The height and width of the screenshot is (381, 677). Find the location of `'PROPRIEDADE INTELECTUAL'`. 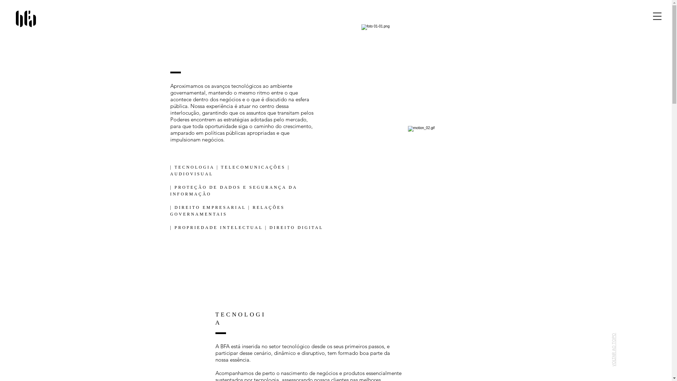

'PROPRIEDADE INTELECTUAL' is located at coordinates (218, 227).